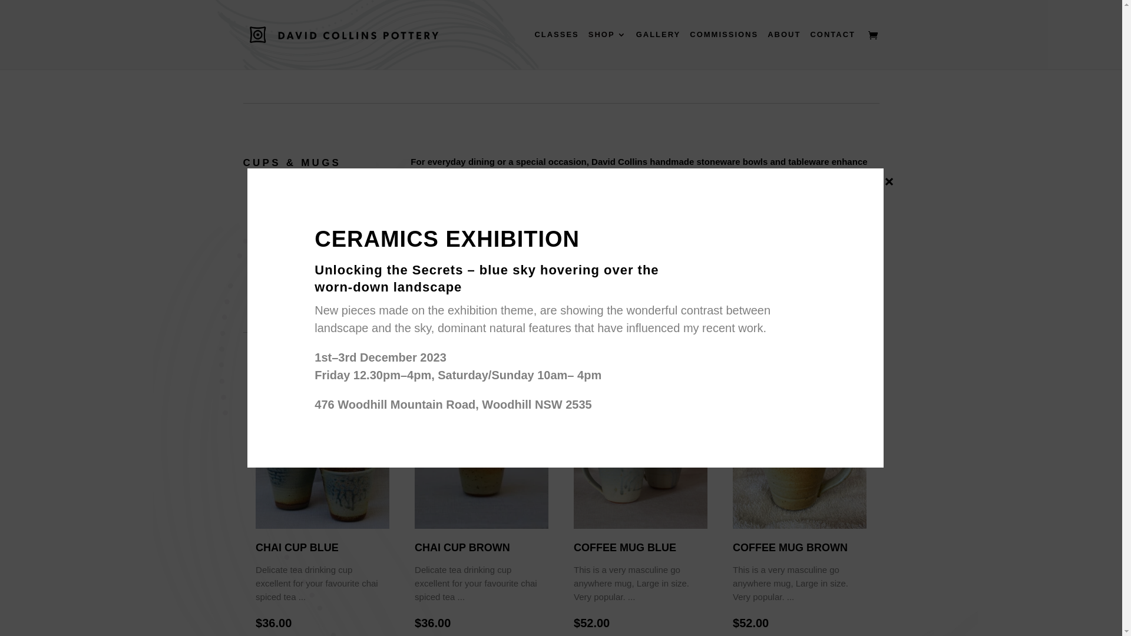  What do you see at coordinates (783, 49) in the screenshot?
I see `'ABOUT'` at bounding box center [783, 49].